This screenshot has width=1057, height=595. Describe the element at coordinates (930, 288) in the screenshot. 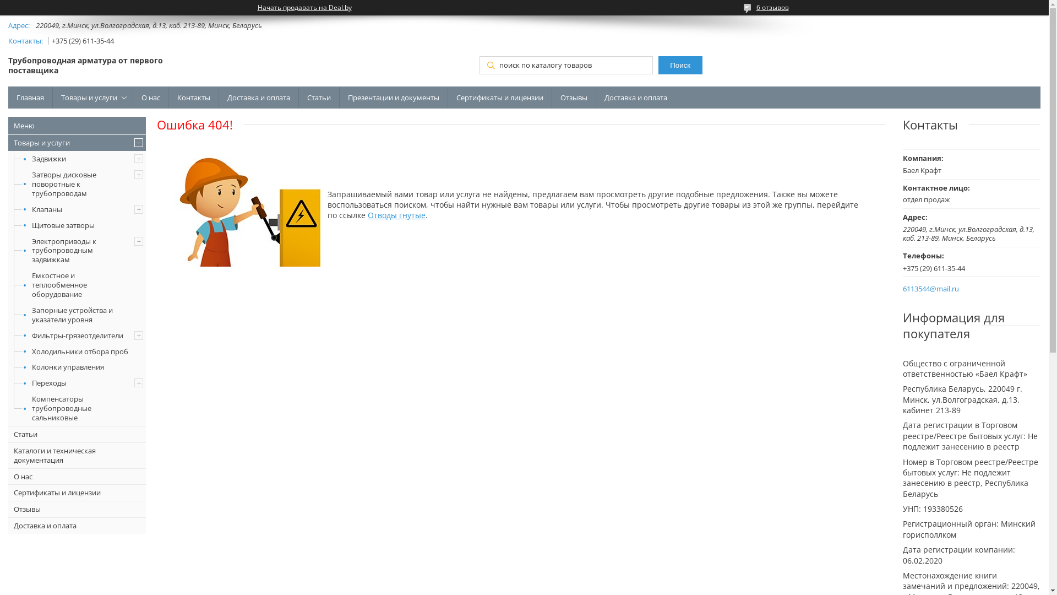

I see `'6113544@mail.ru'` at that location.